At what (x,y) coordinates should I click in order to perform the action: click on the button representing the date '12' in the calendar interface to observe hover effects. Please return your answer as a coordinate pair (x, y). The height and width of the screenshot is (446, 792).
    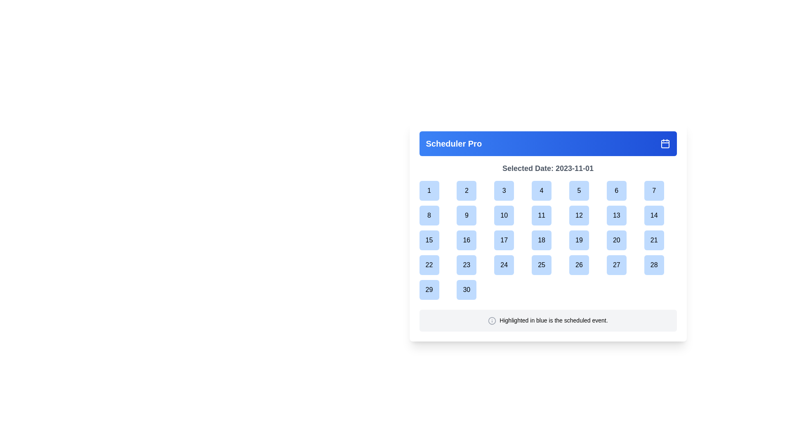
    Looking at the image, I should click on (578, 215).